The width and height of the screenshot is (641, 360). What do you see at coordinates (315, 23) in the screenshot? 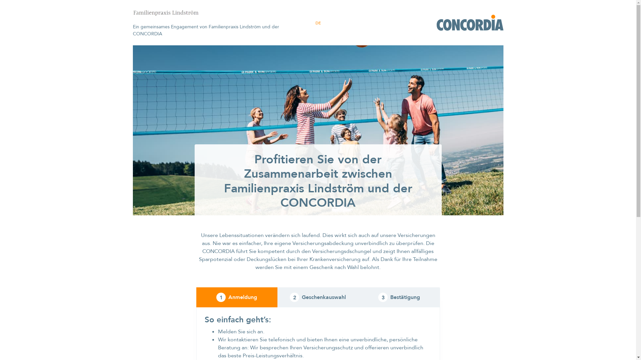
I see `'DE'` at bounding box center [315, 23].